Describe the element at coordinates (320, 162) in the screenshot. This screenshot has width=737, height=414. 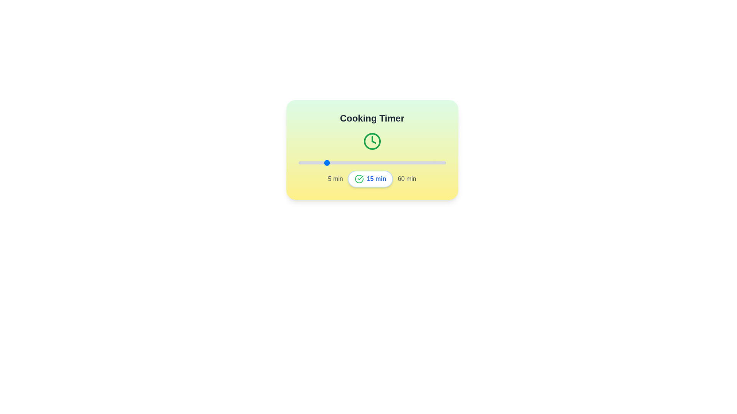
I see `cooking timer` at that location.